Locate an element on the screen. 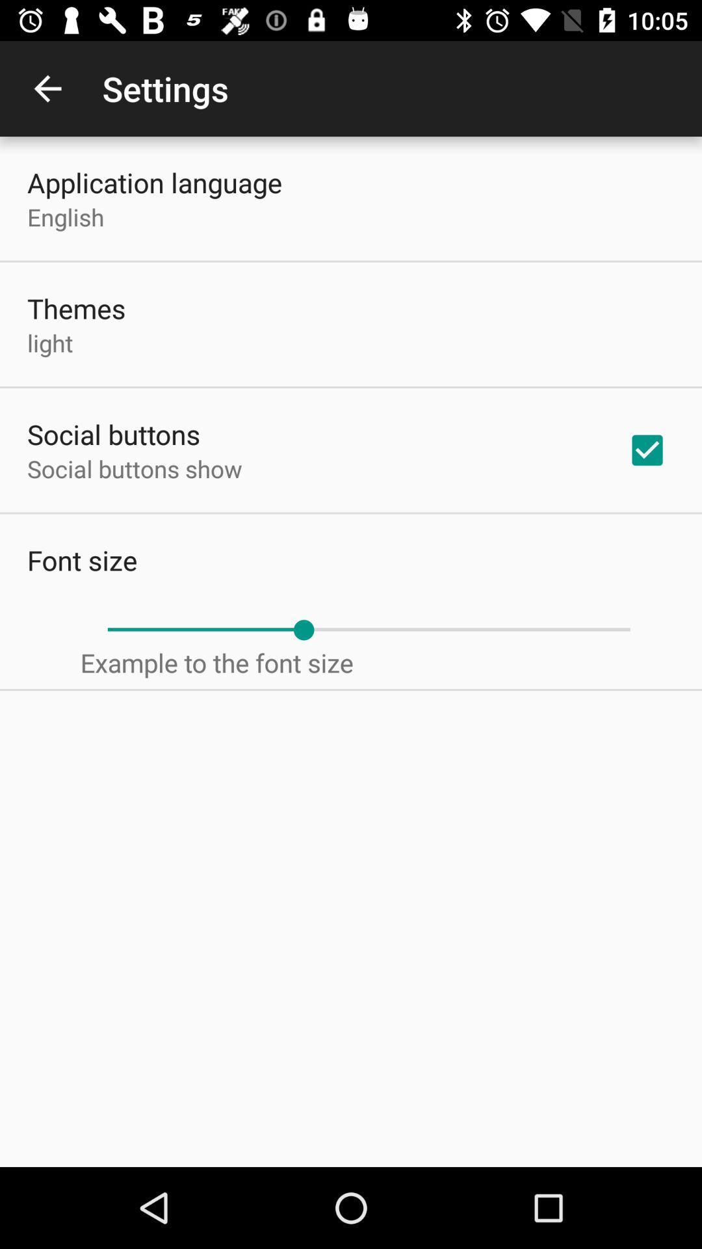 This screenshot has height=1249, width=702. app to the left of settings icon is located at coordinates (47, 88).